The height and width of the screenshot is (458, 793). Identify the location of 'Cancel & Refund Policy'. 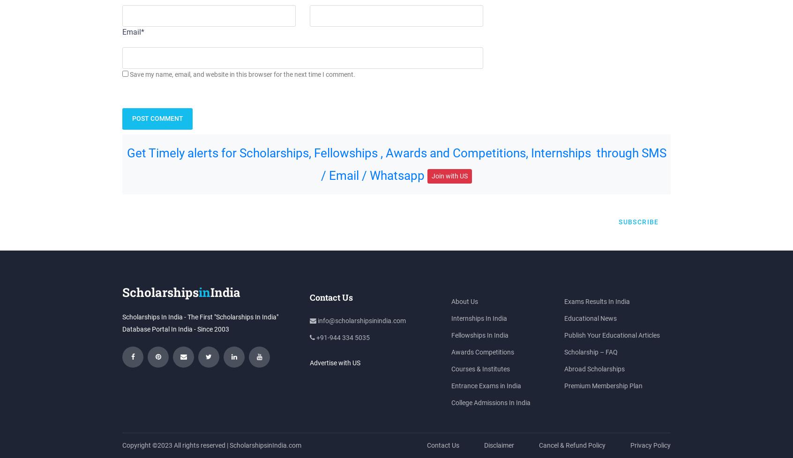
(539, 444).